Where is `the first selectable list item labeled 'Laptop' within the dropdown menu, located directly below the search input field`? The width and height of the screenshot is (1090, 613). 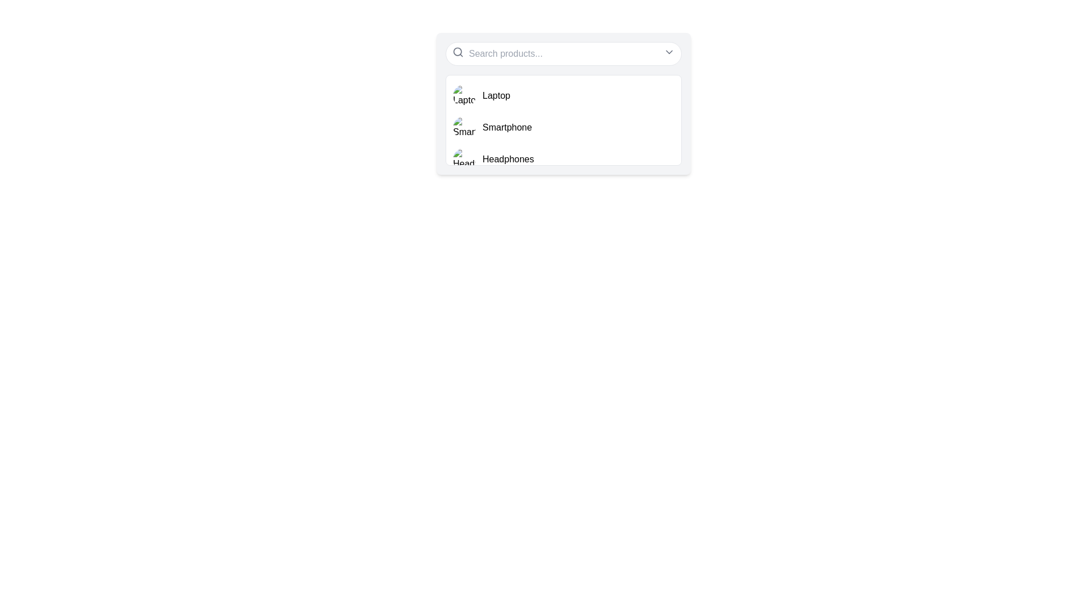 the first selectable list item labeled 'Laptop' within the dropdown menu, located directly below the search input field is located at coordinates (564, 95).